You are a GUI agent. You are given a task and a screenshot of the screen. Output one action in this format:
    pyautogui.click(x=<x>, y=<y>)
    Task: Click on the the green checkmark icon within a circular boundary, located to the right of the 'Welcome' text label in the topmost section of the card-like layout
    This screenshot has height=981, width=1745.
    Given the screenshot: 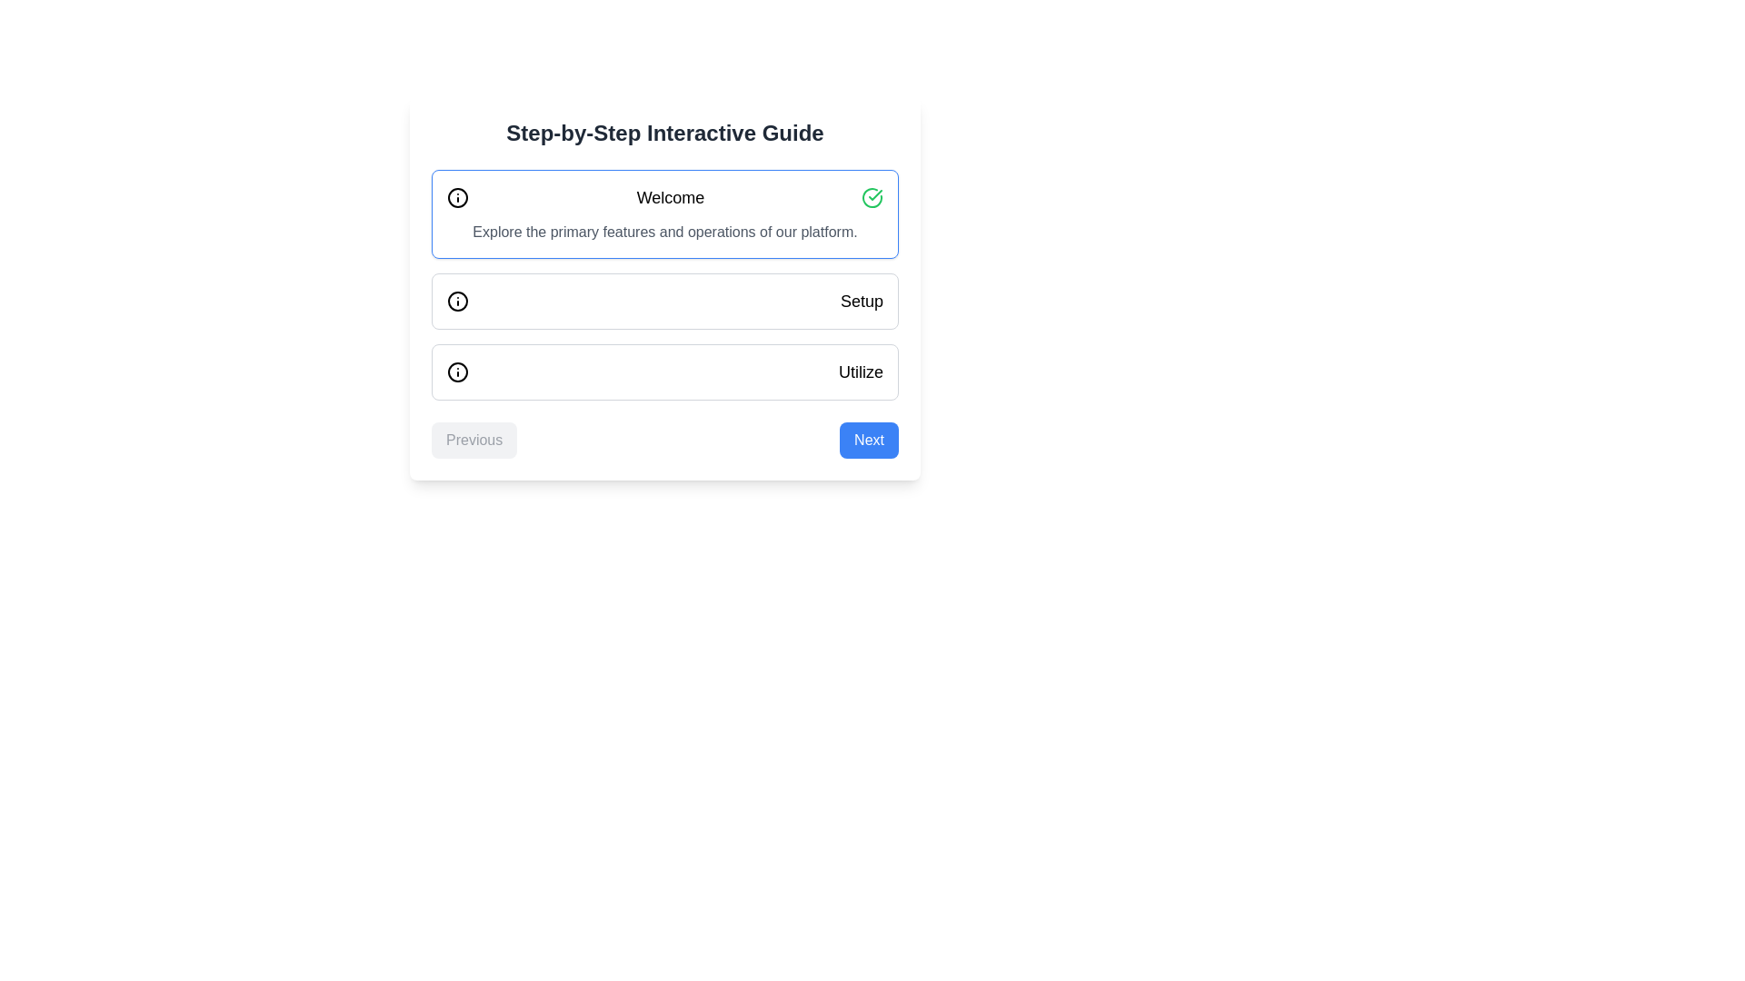 What is the action you would take?
    pyautogui.click(x=875, y=195)
    